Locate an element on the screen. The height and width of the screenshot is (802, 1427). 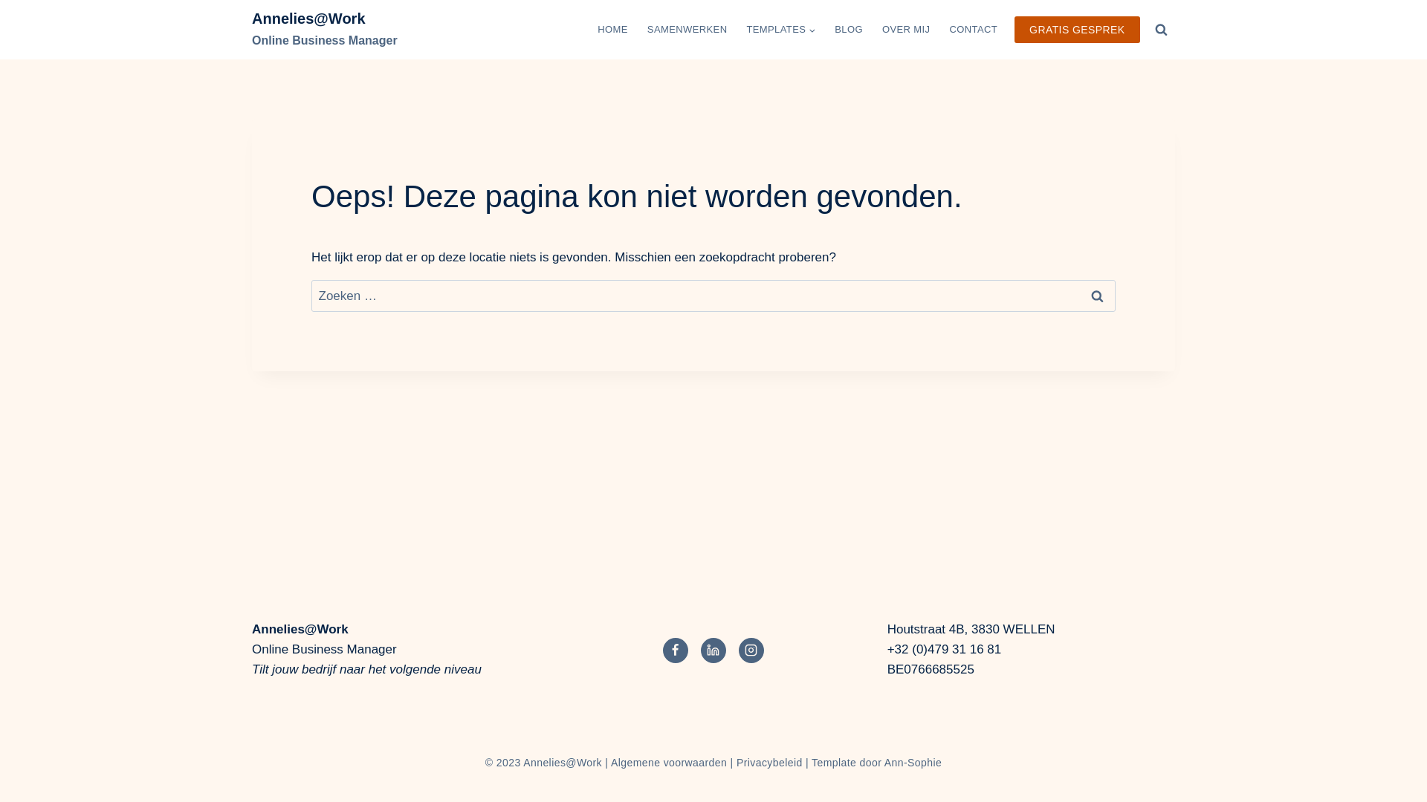
'HOME' is located at coordinates (612, 29).